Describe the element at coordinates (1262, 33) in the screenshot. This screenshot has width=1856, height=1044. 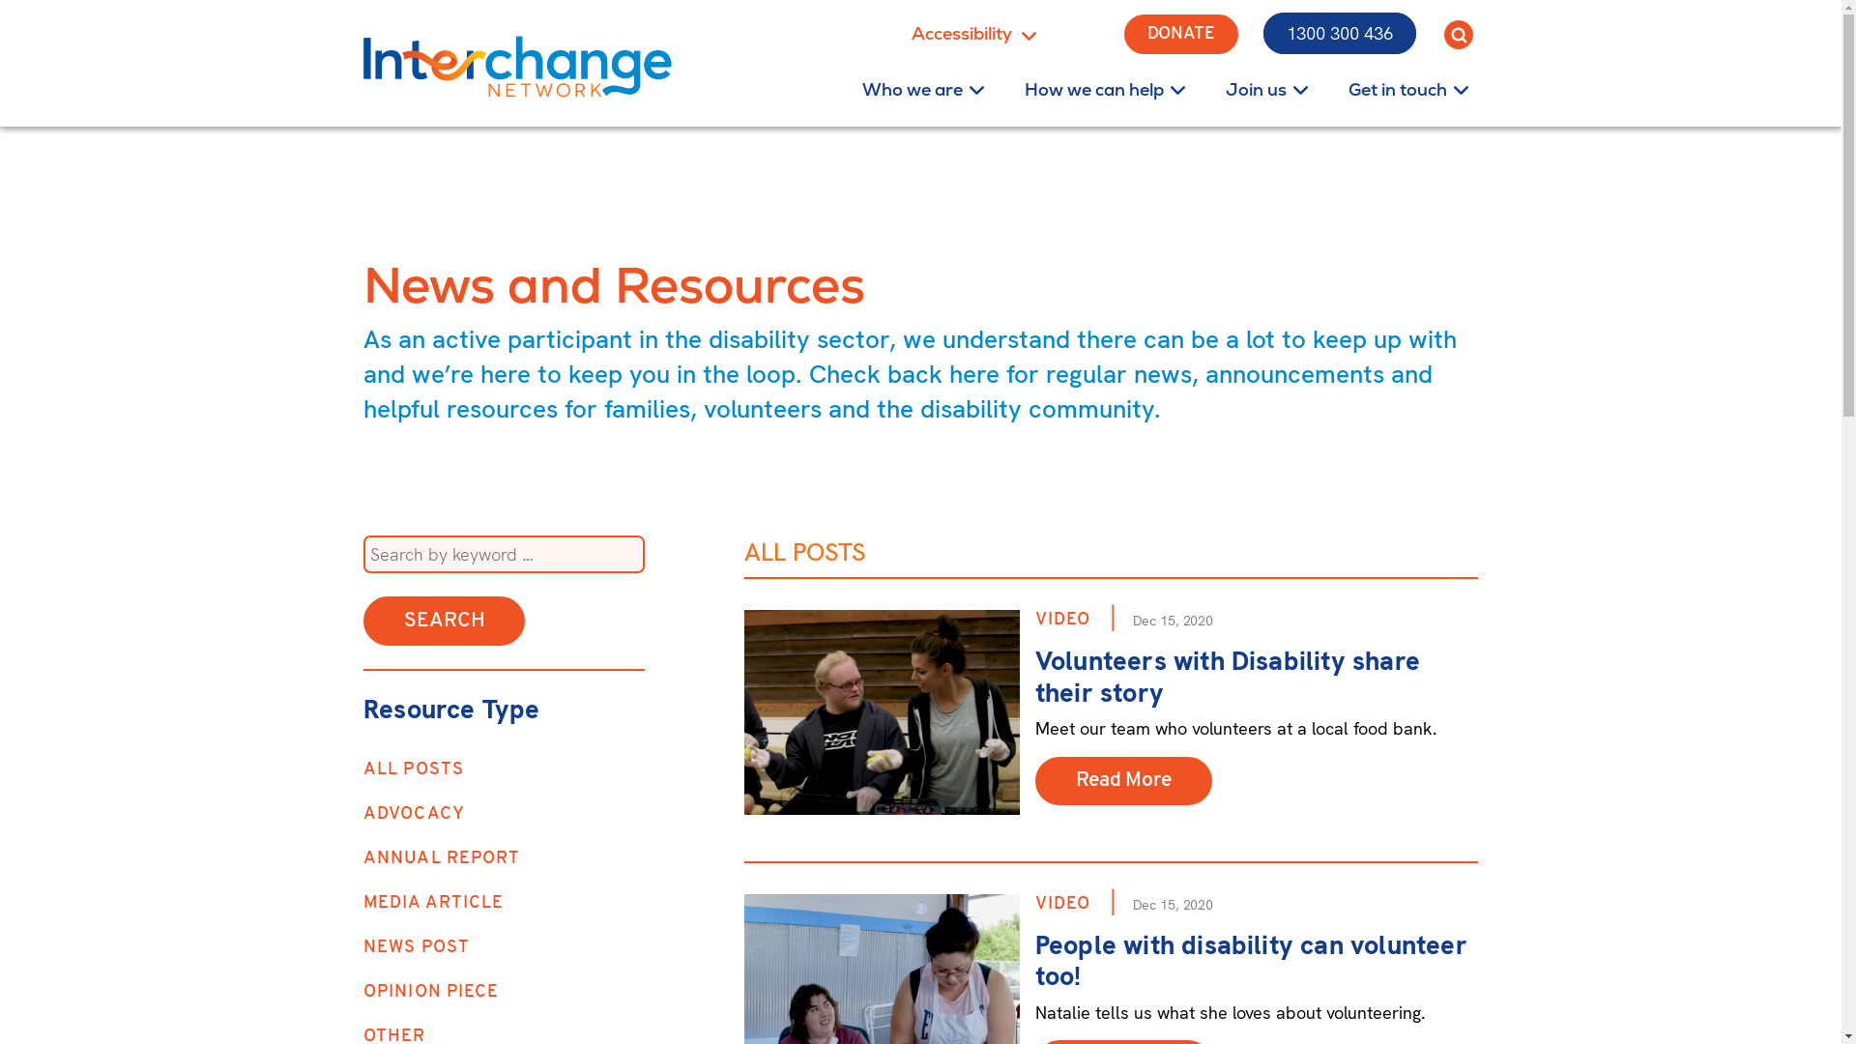
I see `'1300 300 436'` at that location.